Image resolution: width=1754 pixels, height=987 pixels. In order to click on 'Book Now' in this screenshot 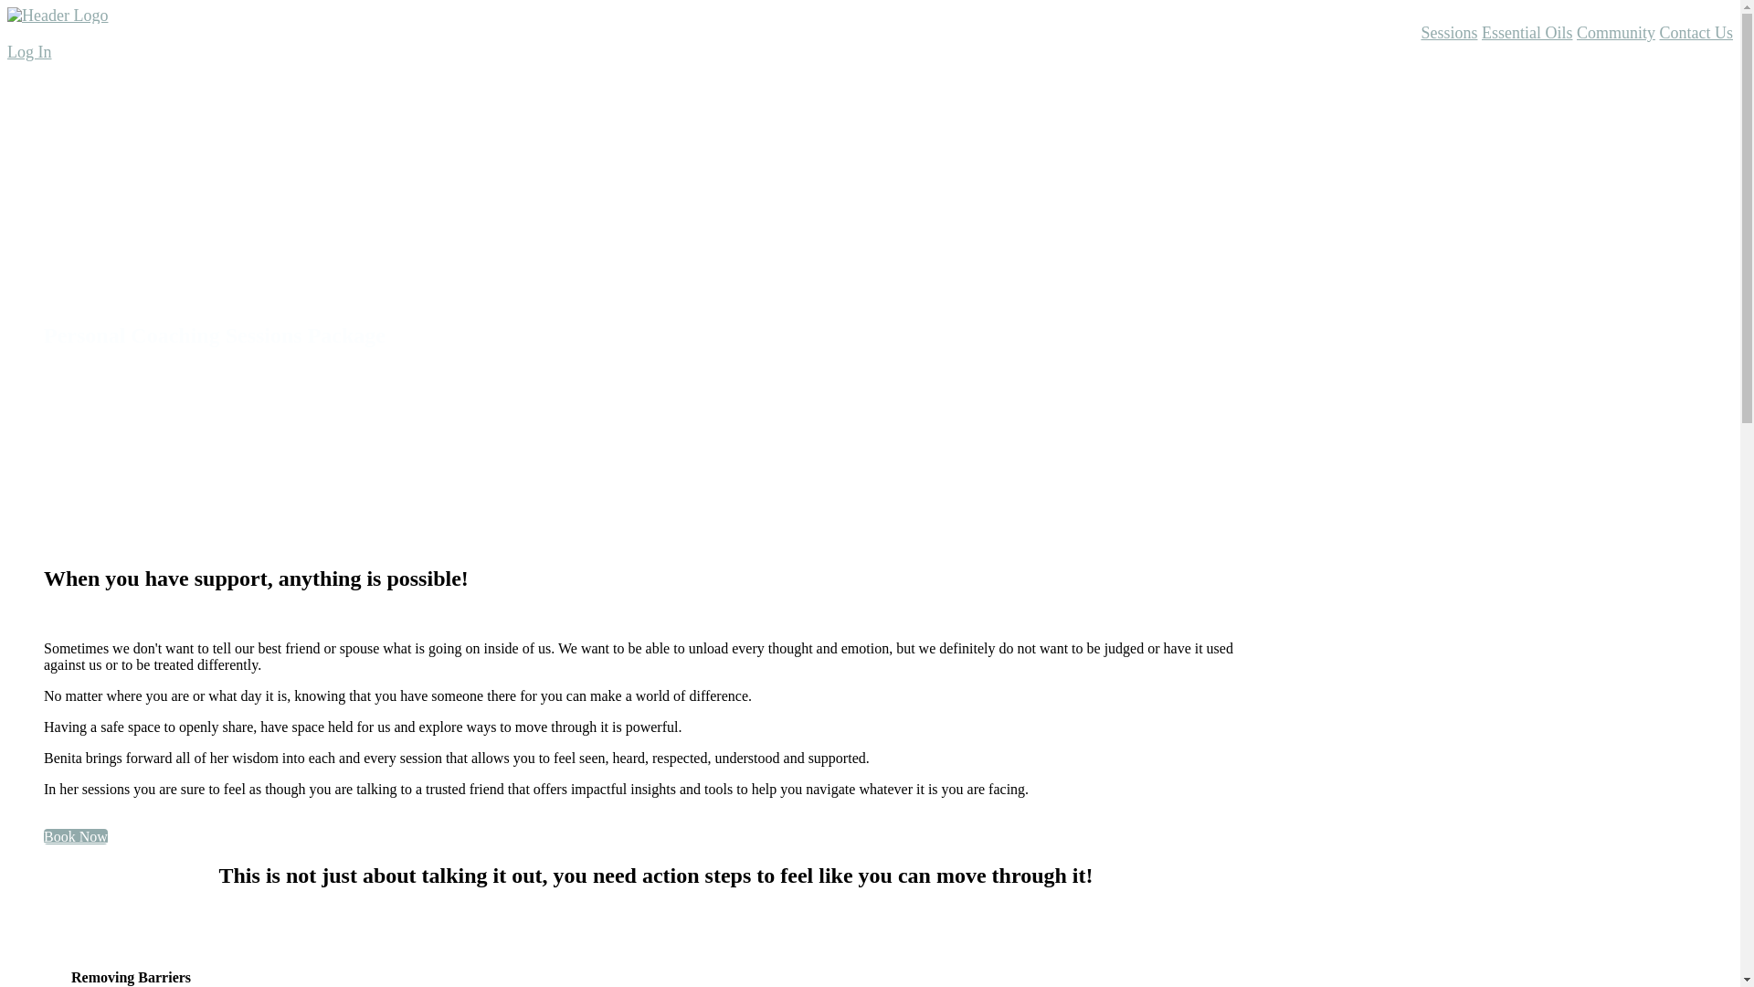, I will do `click(74, 836)`.